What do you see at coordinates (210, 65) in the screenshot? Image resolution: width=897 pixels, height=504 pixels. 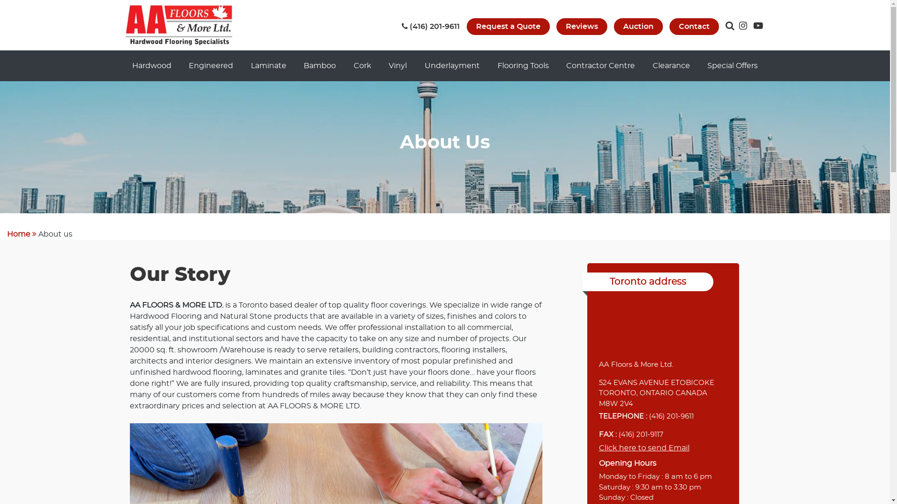 I see `'Engineered'` at bounding box center [210, 65].